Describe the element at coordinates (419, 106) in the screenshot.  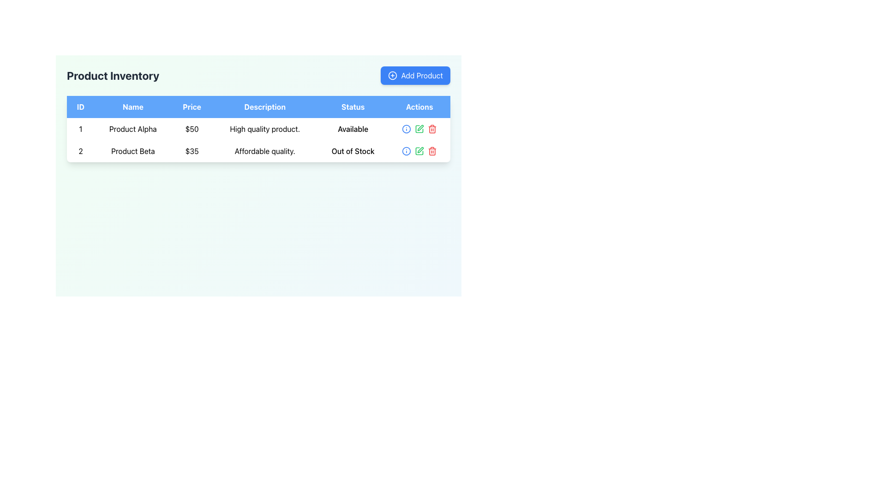
I see `the Text Element that labels the last column of the table in the header row, located after the 'Status' column` at that location.